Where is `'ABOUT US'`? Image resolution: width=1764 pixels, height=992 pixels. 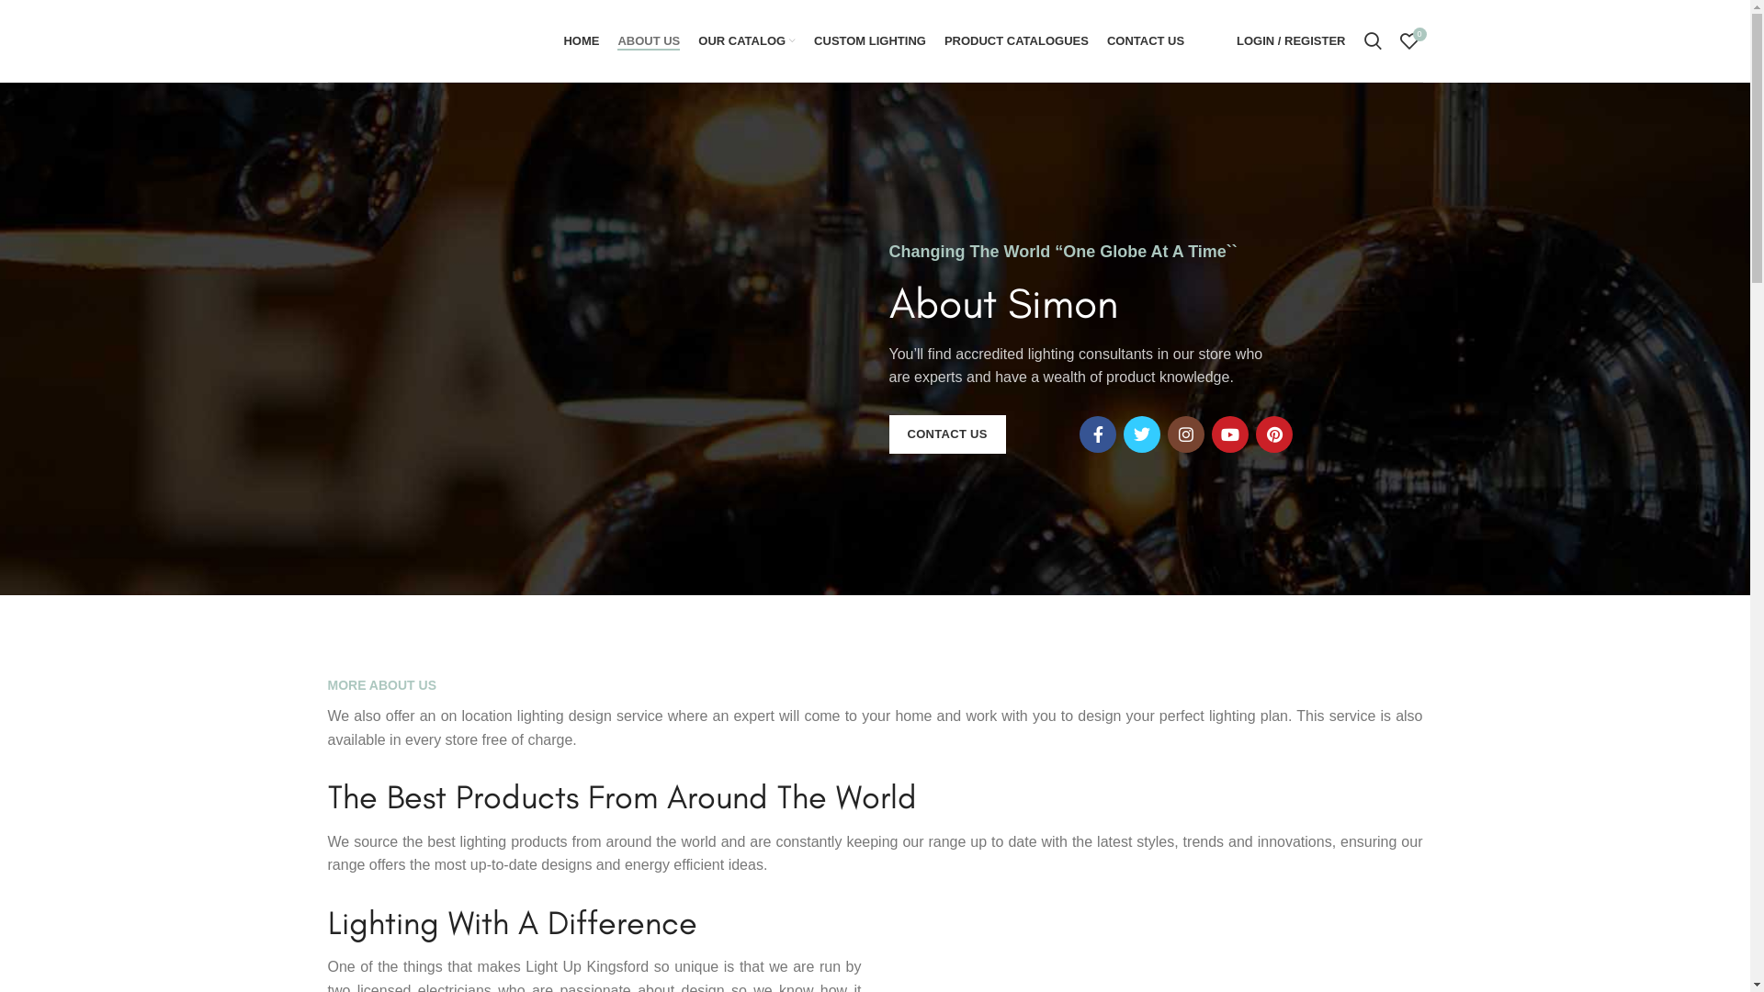 'ABOUT US' is located at coordinates (648, 39).